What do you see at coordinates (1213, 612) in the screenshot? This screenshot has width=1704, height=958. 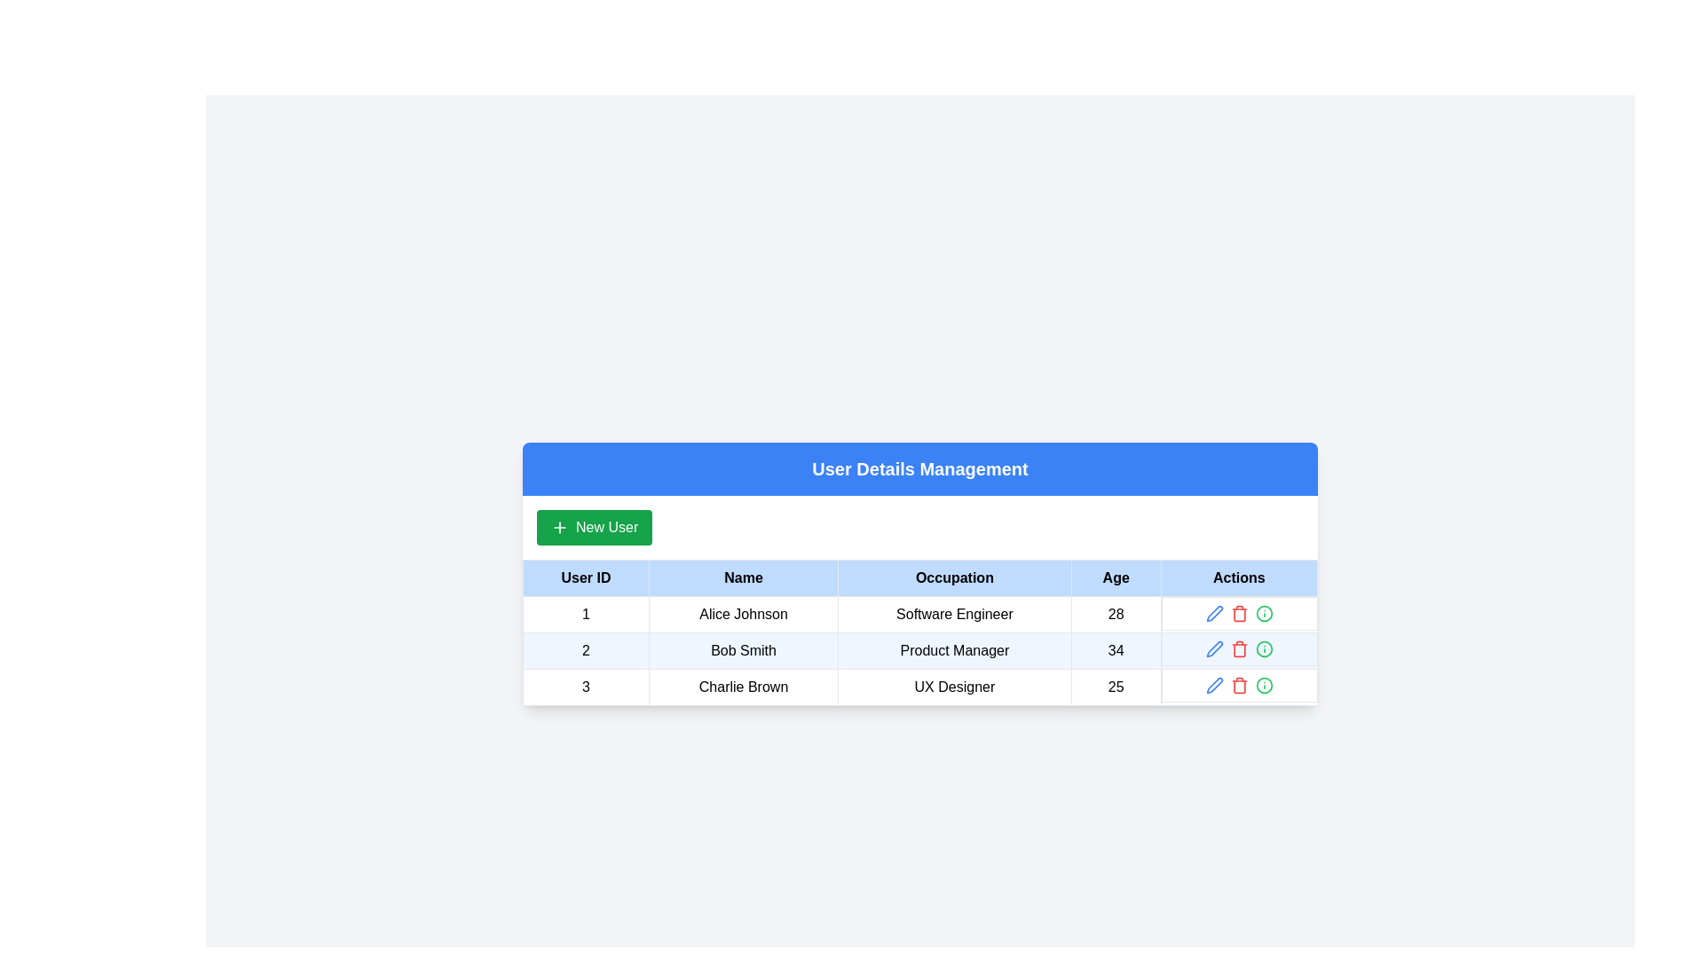 I see `the edit button in the 'Actions' column of the second row for user 'Bob Smith'` at bounding box center [1213, 612].